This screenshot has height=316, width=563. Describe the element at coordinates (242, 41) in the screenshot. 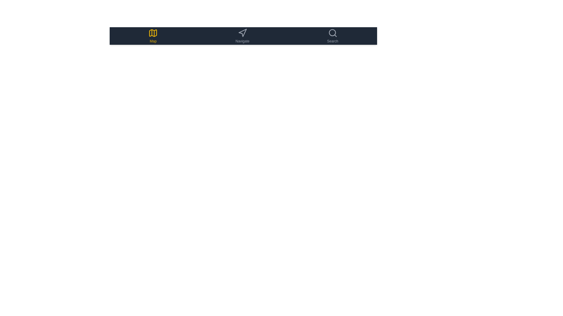

I see `the small gray text label that says 'Navigate', which is positioned below a navigation icon in the top navigation bar` at that location.